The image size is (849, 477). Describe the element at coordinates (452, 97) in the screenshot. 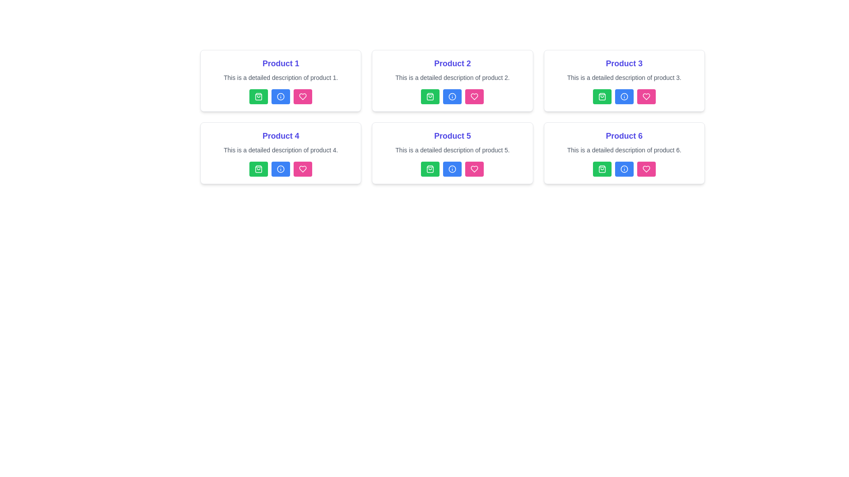

I see `the circle button located in the center of the row of three icons below 'Product 2'` at that location.